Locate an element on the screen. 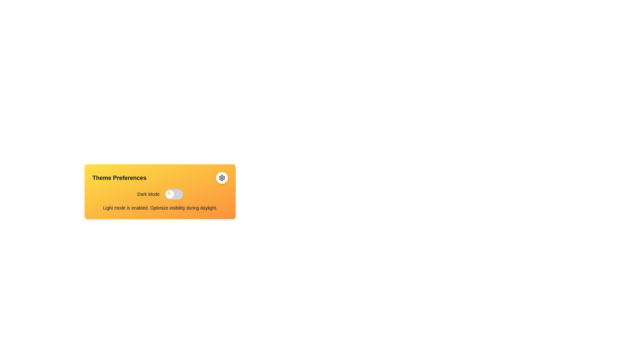 The width and height of the screenshot is (625, 352). the circular button with a white background and a black gear icon located at the far right of the header section labeled 'Theme Preferences' is located at coordinates (222, 178).